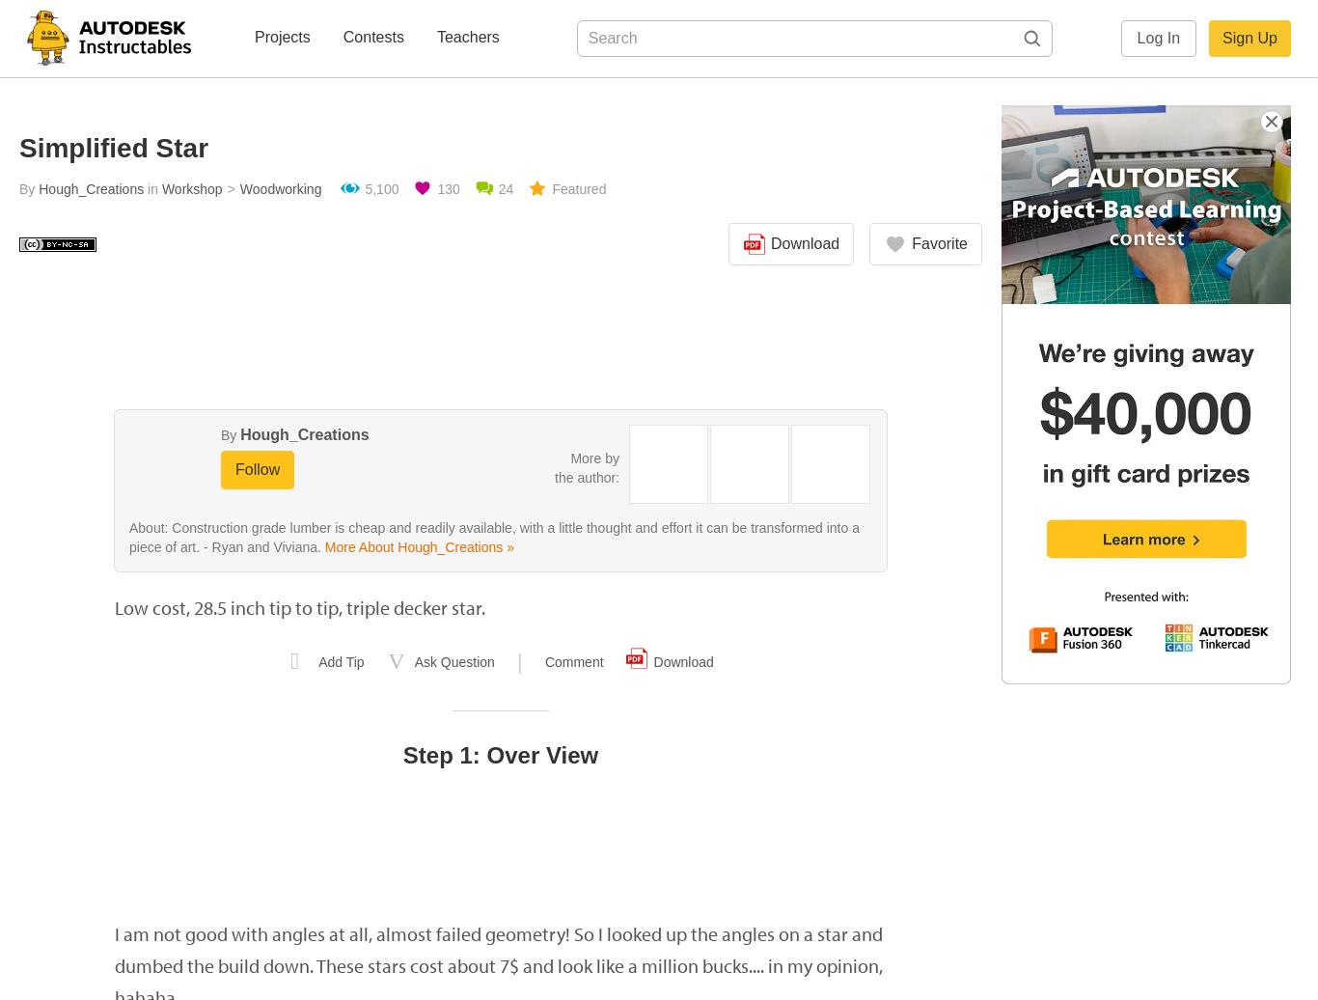 The height and width of the screenshot is (1000, 1318). What do you see at coordinates (505, 189) in the screenshot?
I see `'24'` at bounding box center [505, 189].